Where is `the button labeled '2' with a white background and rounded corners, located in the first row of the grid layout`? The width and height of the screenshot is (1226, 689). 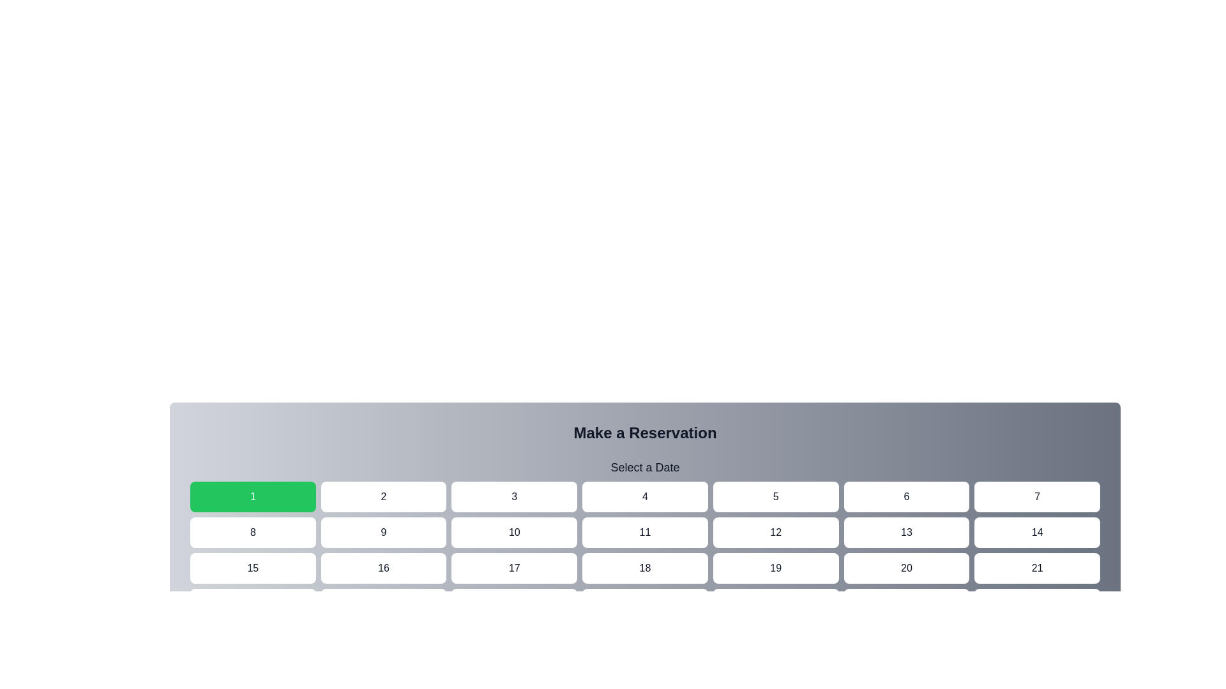 the button labeled '2' with a white background and rounded corners, located in the first row of the grid layout is located at coordinates (383, 496).